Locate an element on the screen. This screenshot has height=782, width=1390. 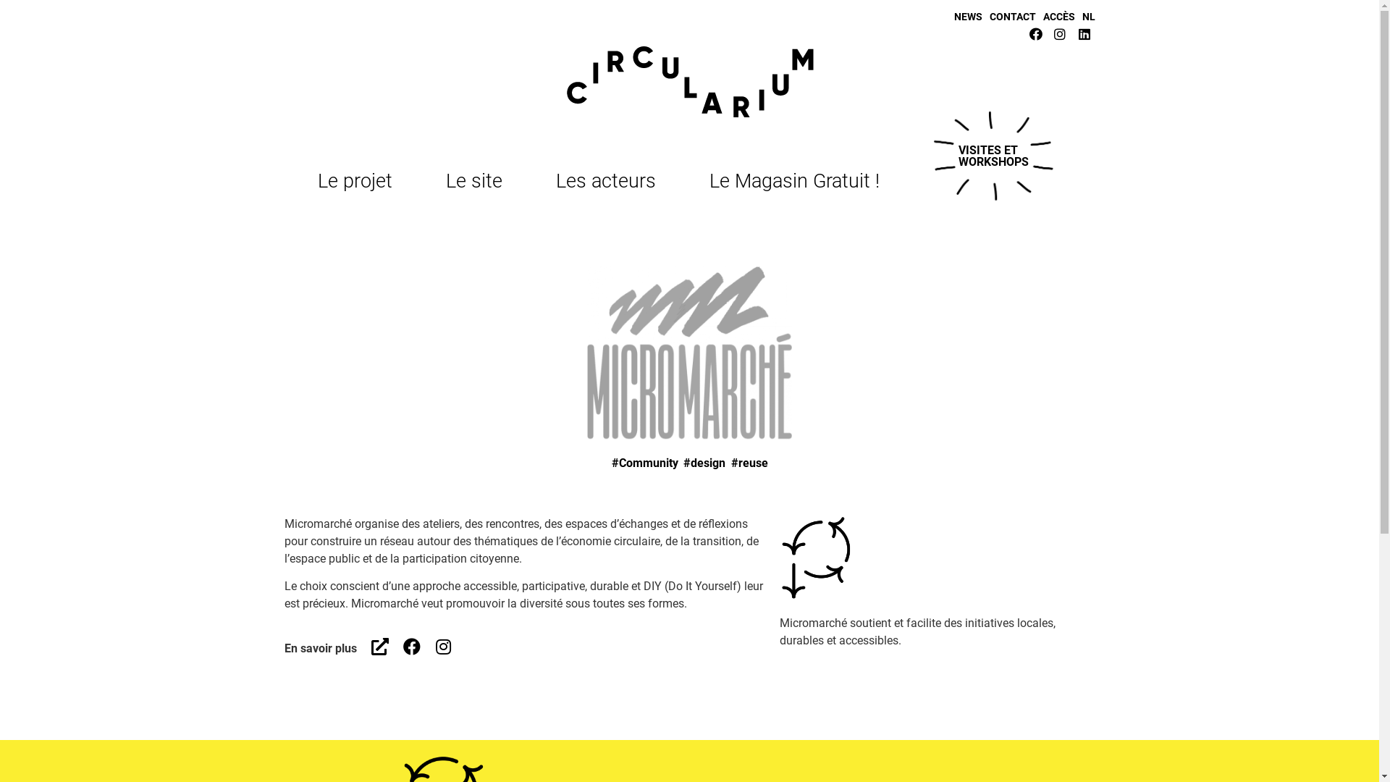
'Le Magasin Gratuit !' is located at coordinates (793, 180).